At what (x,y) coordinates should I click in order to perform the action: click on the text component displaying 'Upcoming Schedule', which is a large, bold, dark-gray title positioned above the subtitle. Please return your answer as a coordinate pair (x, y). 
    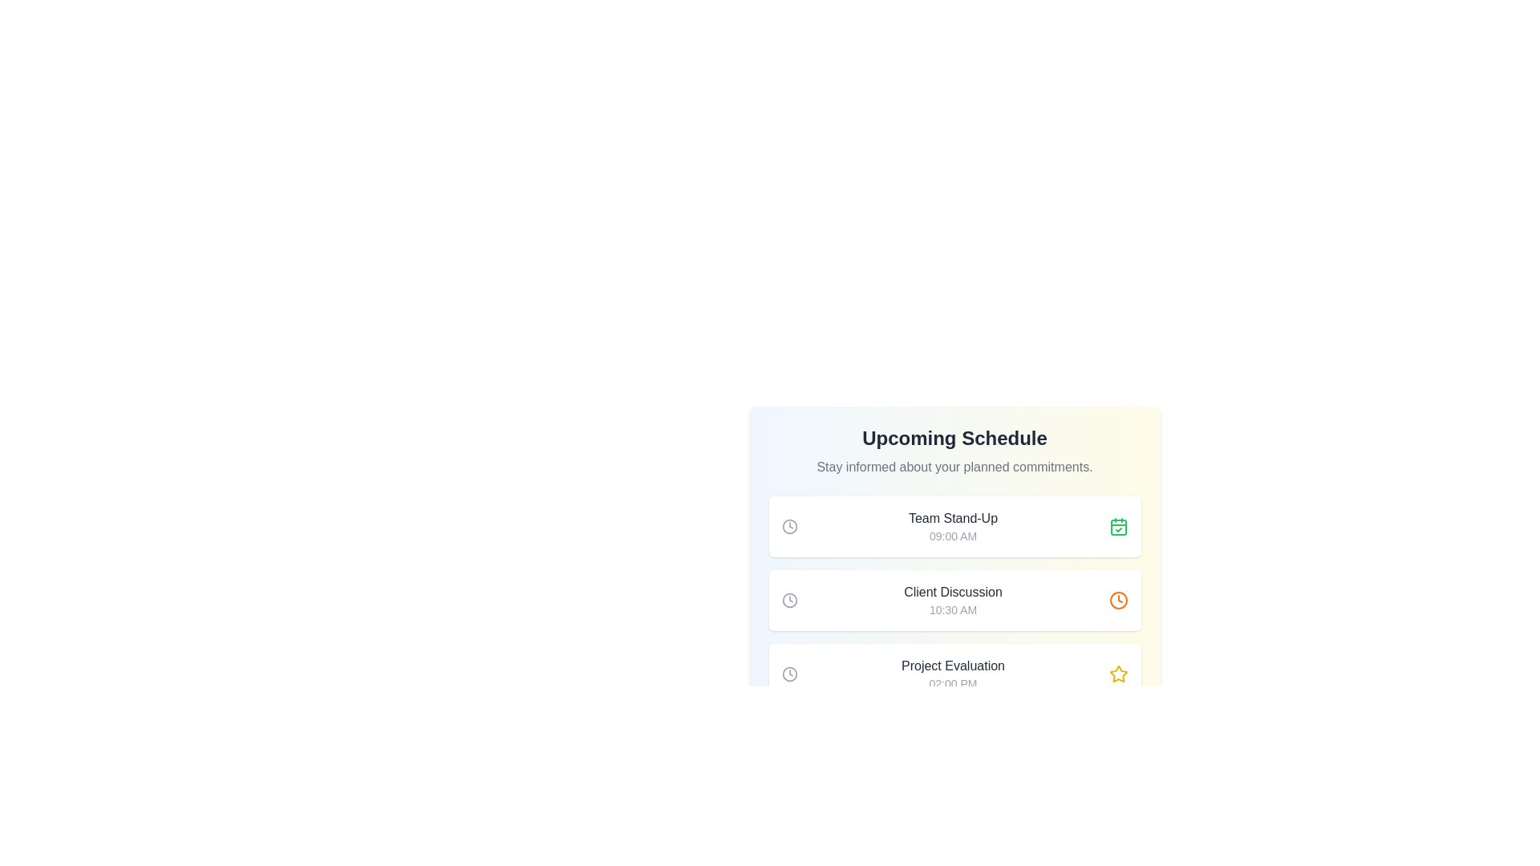
    Looking at the image, I should click on (954, 439).